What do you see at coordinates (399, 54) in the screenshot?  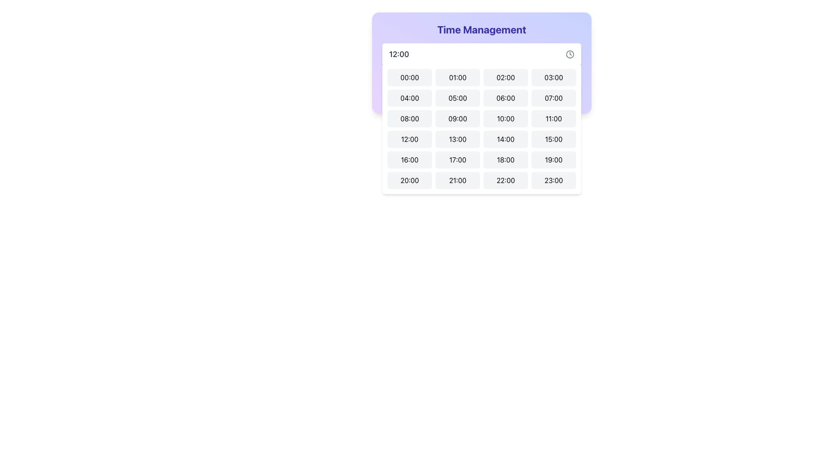 I see `the text label displaying '12:00', which is styled in medium weight gray sans-serif font, located in the top-right corner of a white card interface` at bounding box center [399, 54].